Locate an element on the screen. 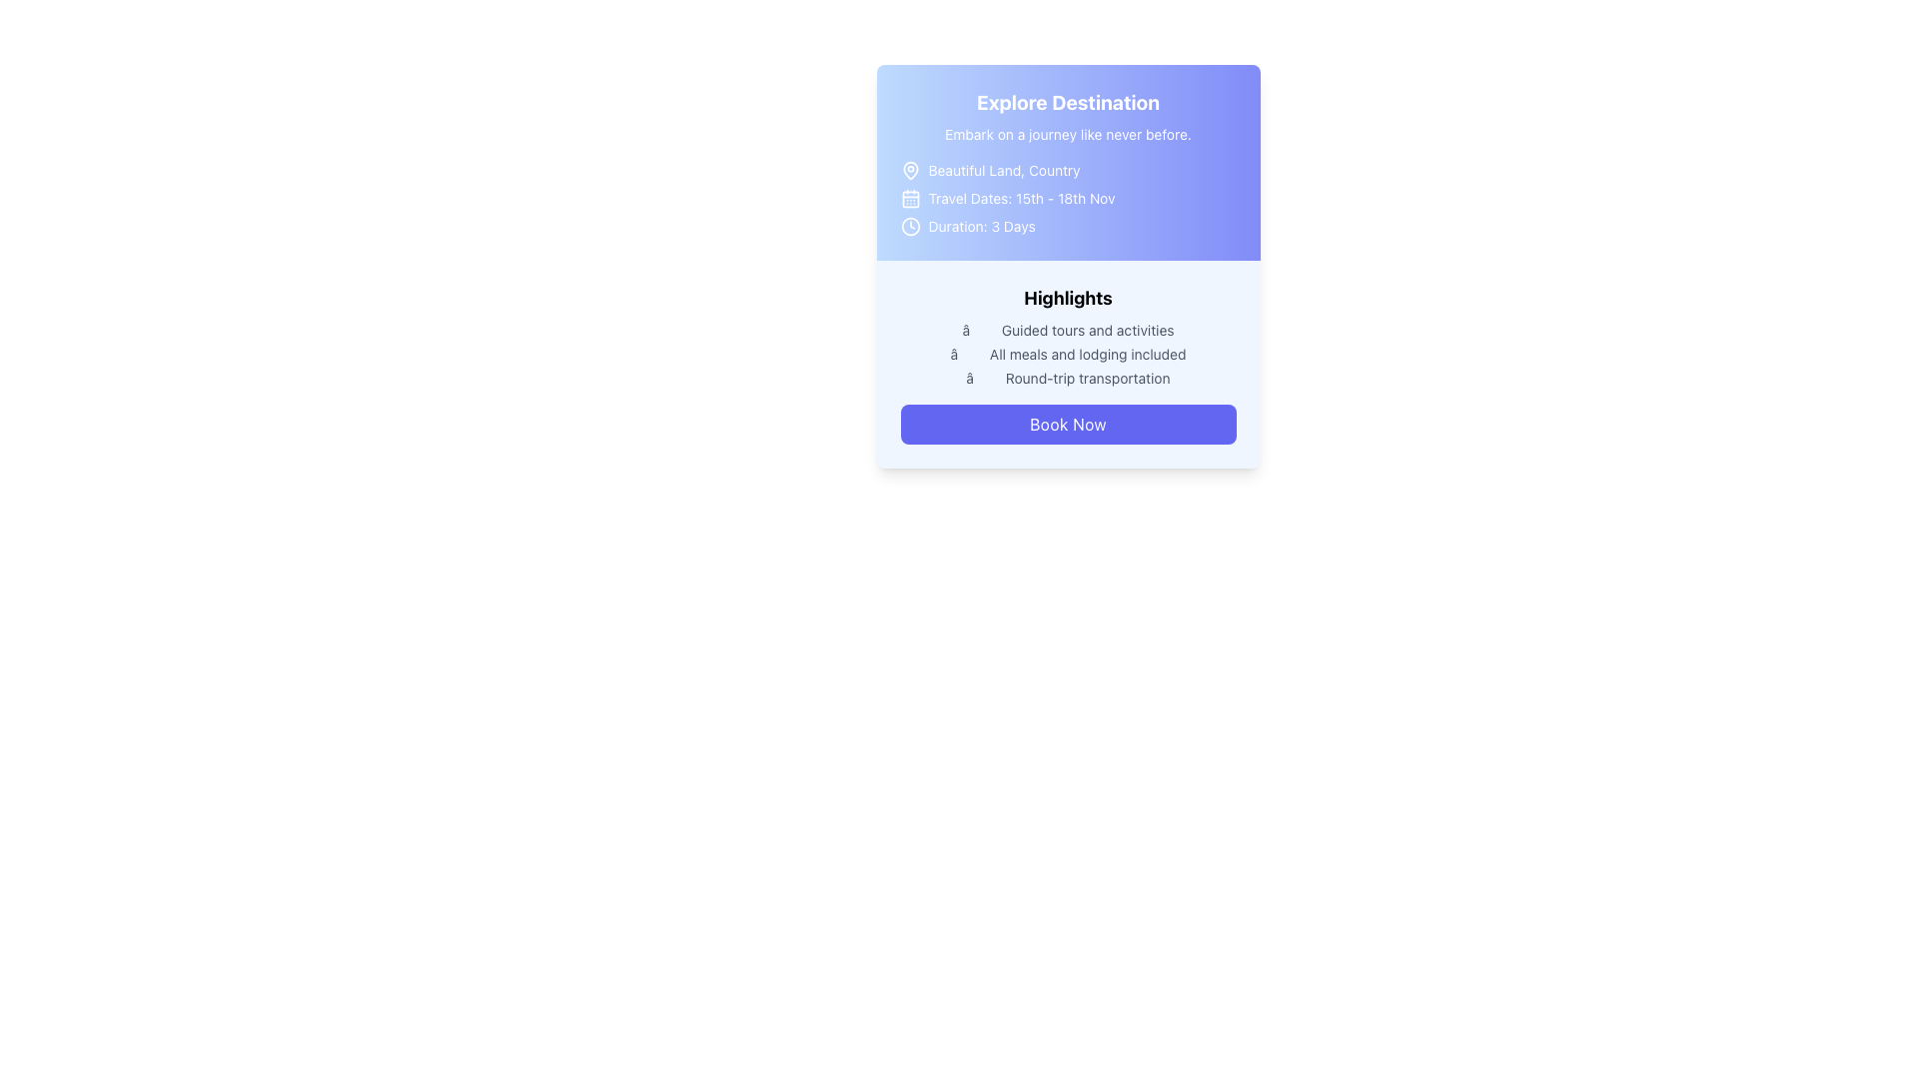  the information display element that provides details about a geographical destination, located below the 'Explore Destination' header and above 'Travel Dates: 15th - 18th Nov' is located at coordinates (1067, 169).